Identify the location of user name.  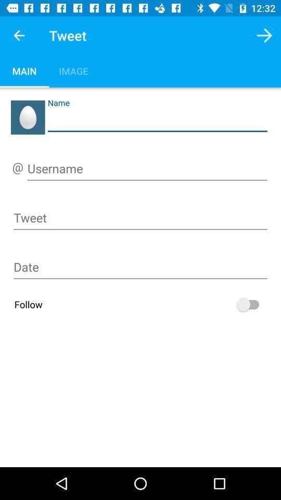
(147, 170).